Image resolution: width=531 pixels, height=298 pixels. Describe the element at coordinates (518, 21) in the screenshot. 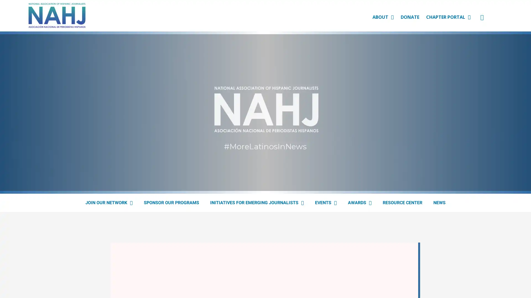

I see `Close search form` at that location.